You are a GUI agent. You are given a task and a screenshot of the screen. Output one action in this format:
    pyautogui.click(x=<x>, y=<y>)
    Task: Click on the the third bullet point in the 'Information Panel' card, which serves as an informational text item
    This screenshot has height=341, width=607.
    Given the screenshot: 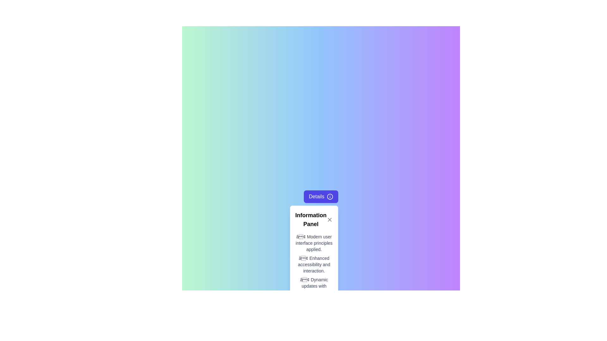 What is the action you would take?
    pyautogui.click(x=314, y=286)
    